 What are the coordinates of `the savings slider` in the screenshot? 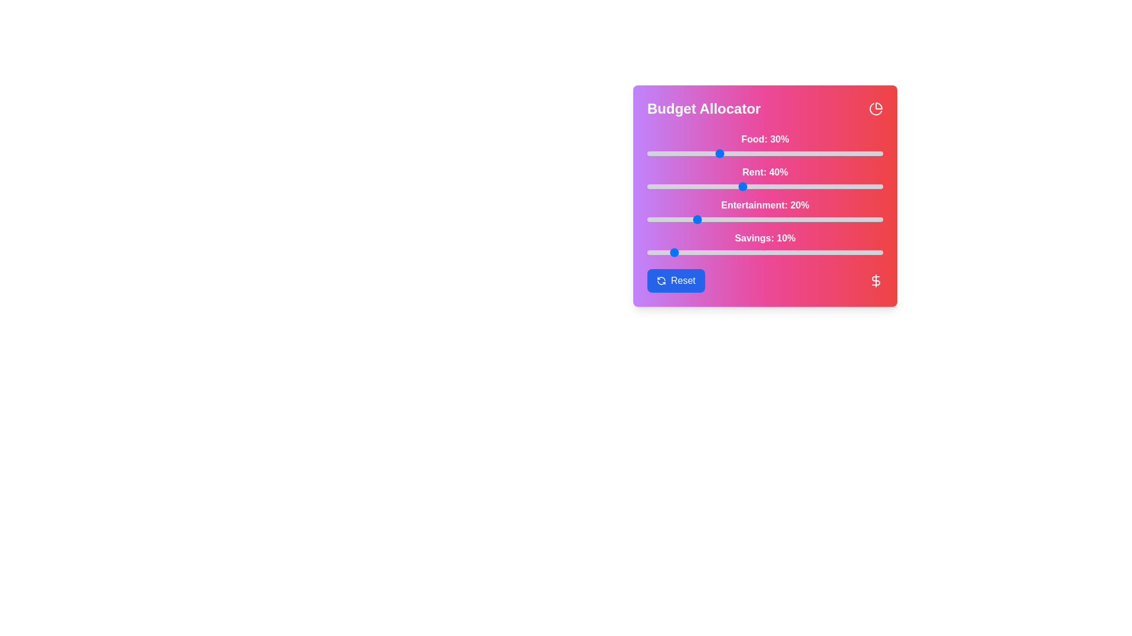 It's located at (772, 251).